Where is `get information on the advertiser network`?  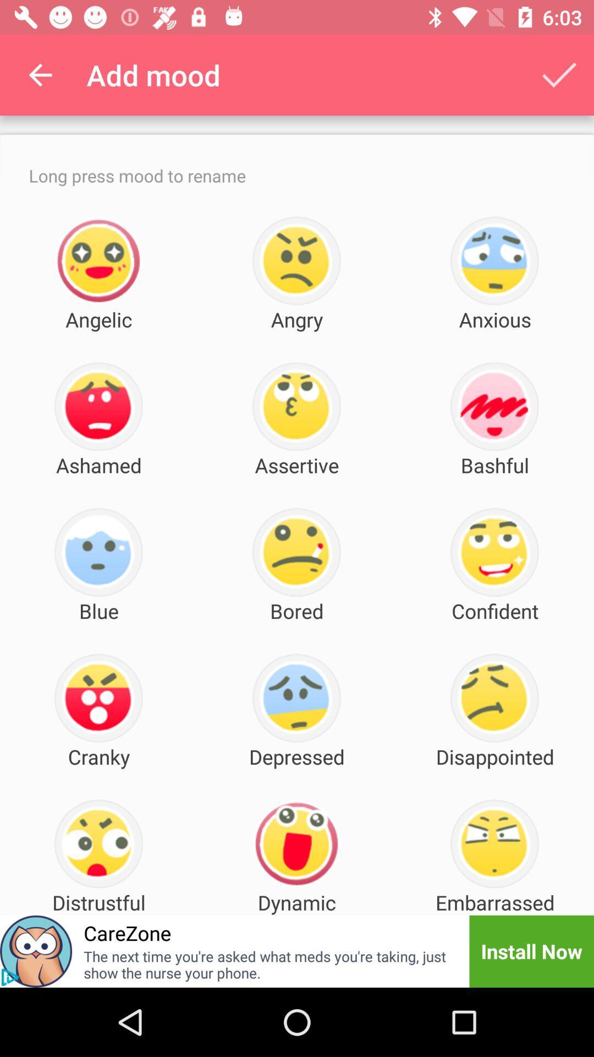
get information on the advertiser network is located at coordinates (10, 977).